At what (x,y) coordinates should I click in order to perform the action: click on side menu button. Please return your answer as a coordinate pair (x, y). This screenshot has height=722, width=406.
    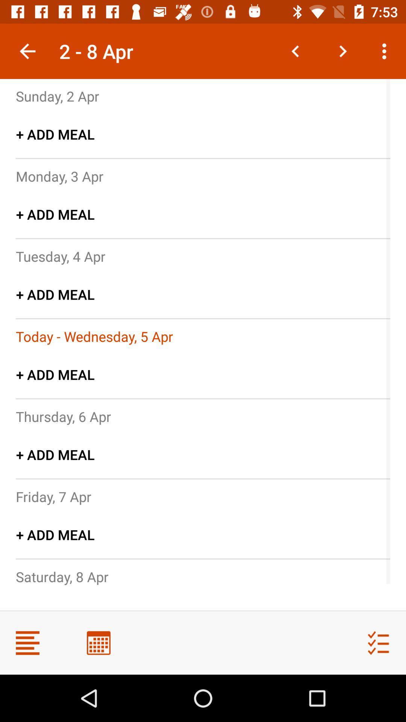
    Looking at the image, I should click on (27, 642).